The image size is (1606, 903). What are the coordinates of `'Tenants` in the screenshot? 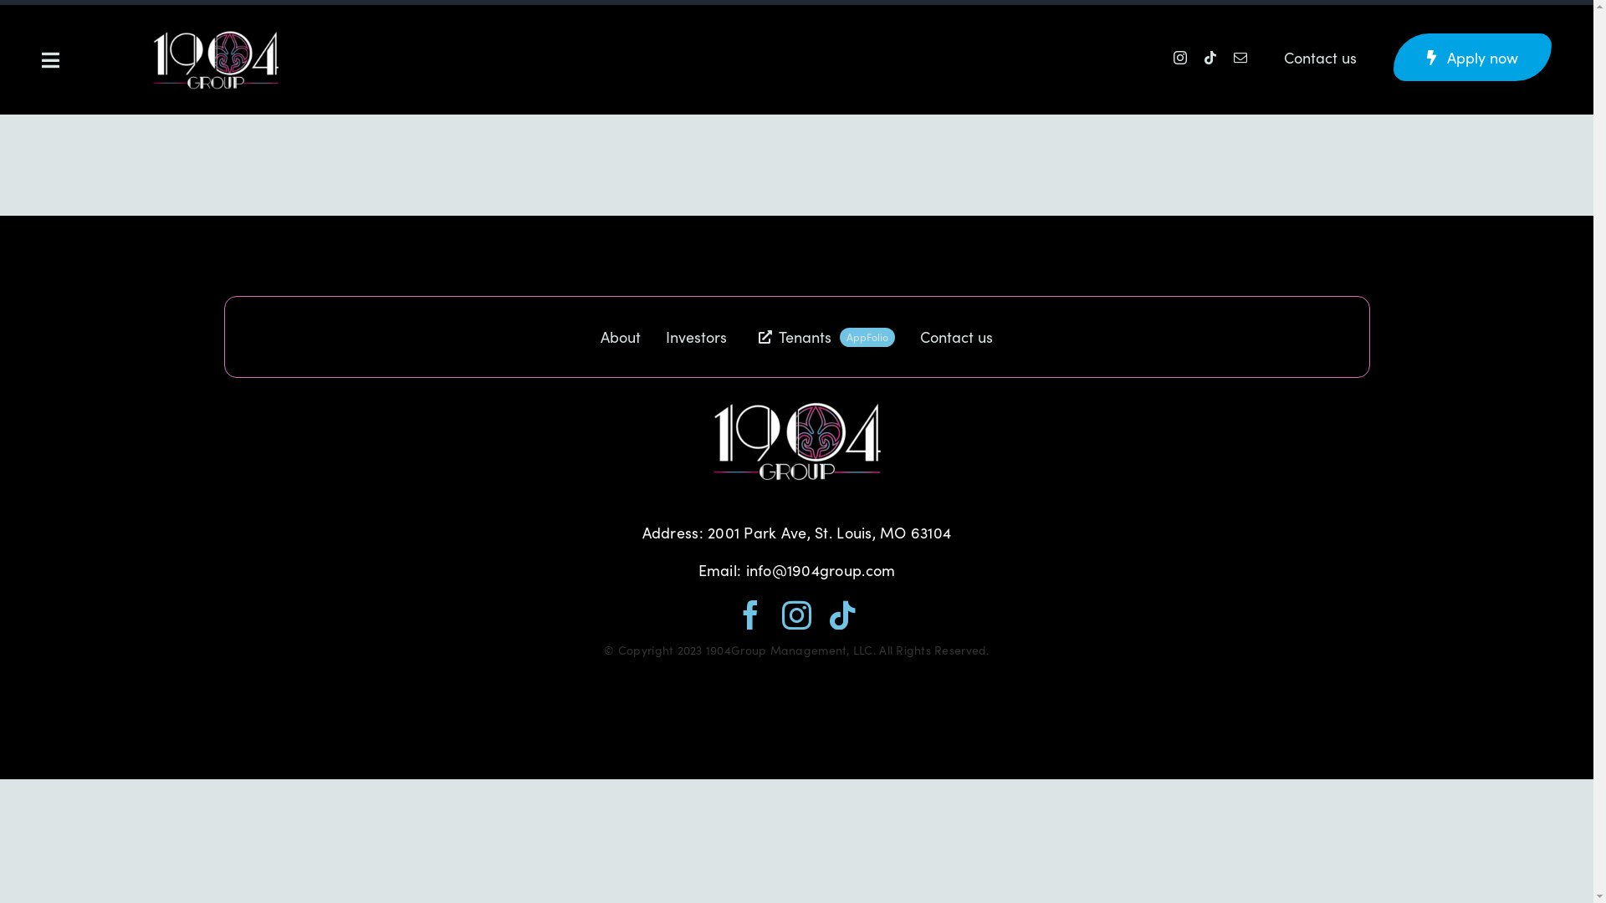 It's located at (750, 337).